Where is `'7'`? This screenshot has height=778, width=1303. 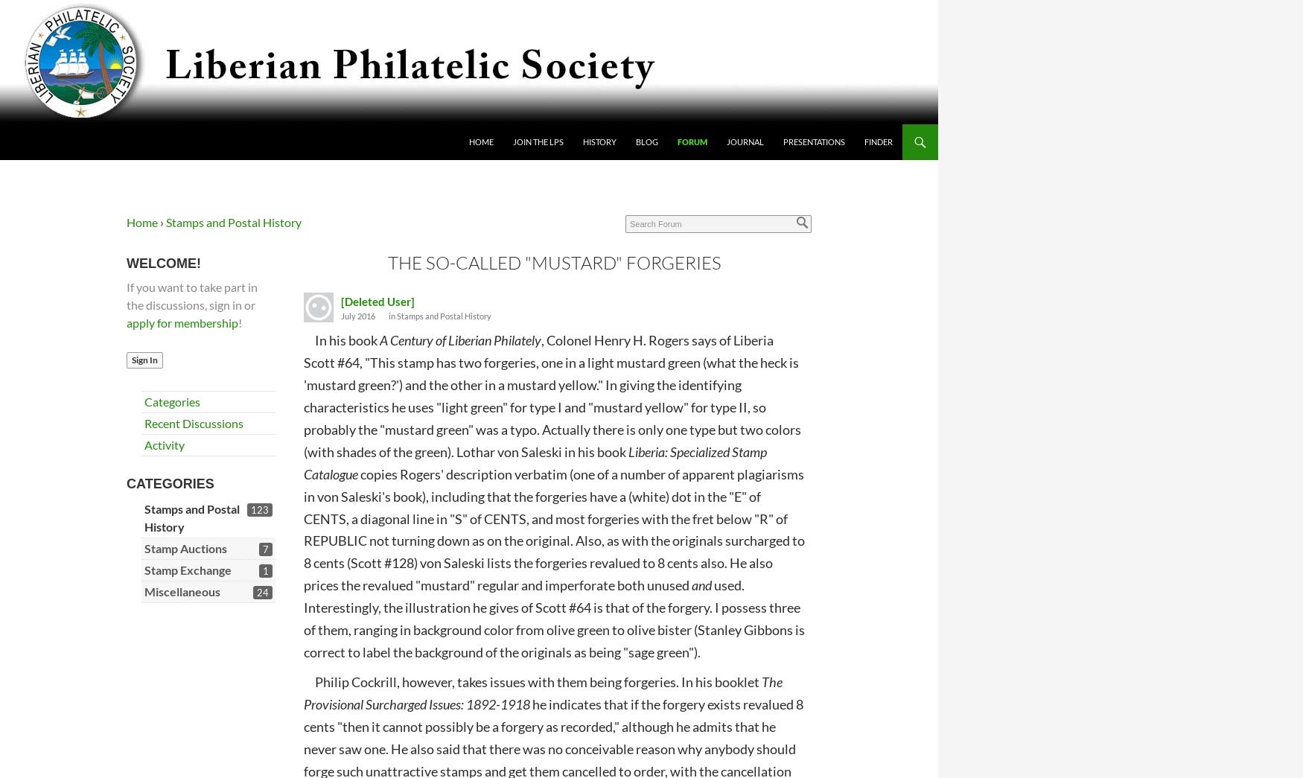 '7' is located at coordinates (264, 548).